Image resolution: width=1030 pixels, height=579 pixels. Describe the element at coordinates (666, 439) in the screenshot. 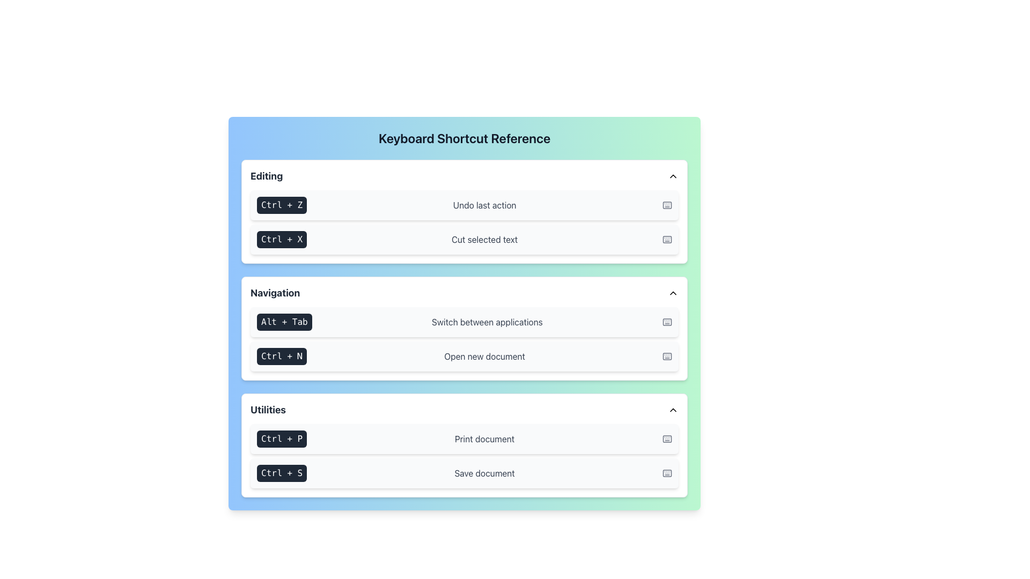

I see `the 'Print document' icon located at the far right of the row, which represents the keyboard shortcut for printing documents` at that location.